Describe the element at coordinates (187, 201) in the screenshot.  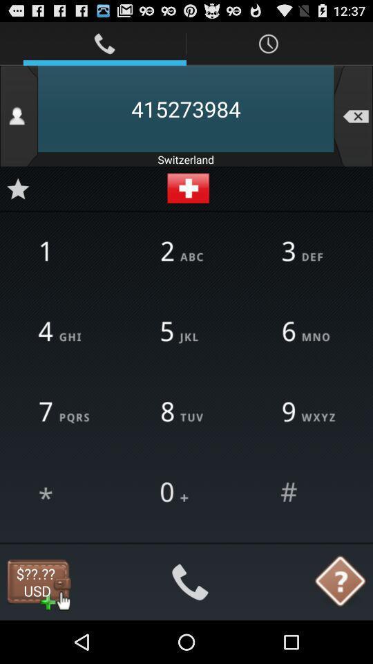
I see `the add icon` at that location.